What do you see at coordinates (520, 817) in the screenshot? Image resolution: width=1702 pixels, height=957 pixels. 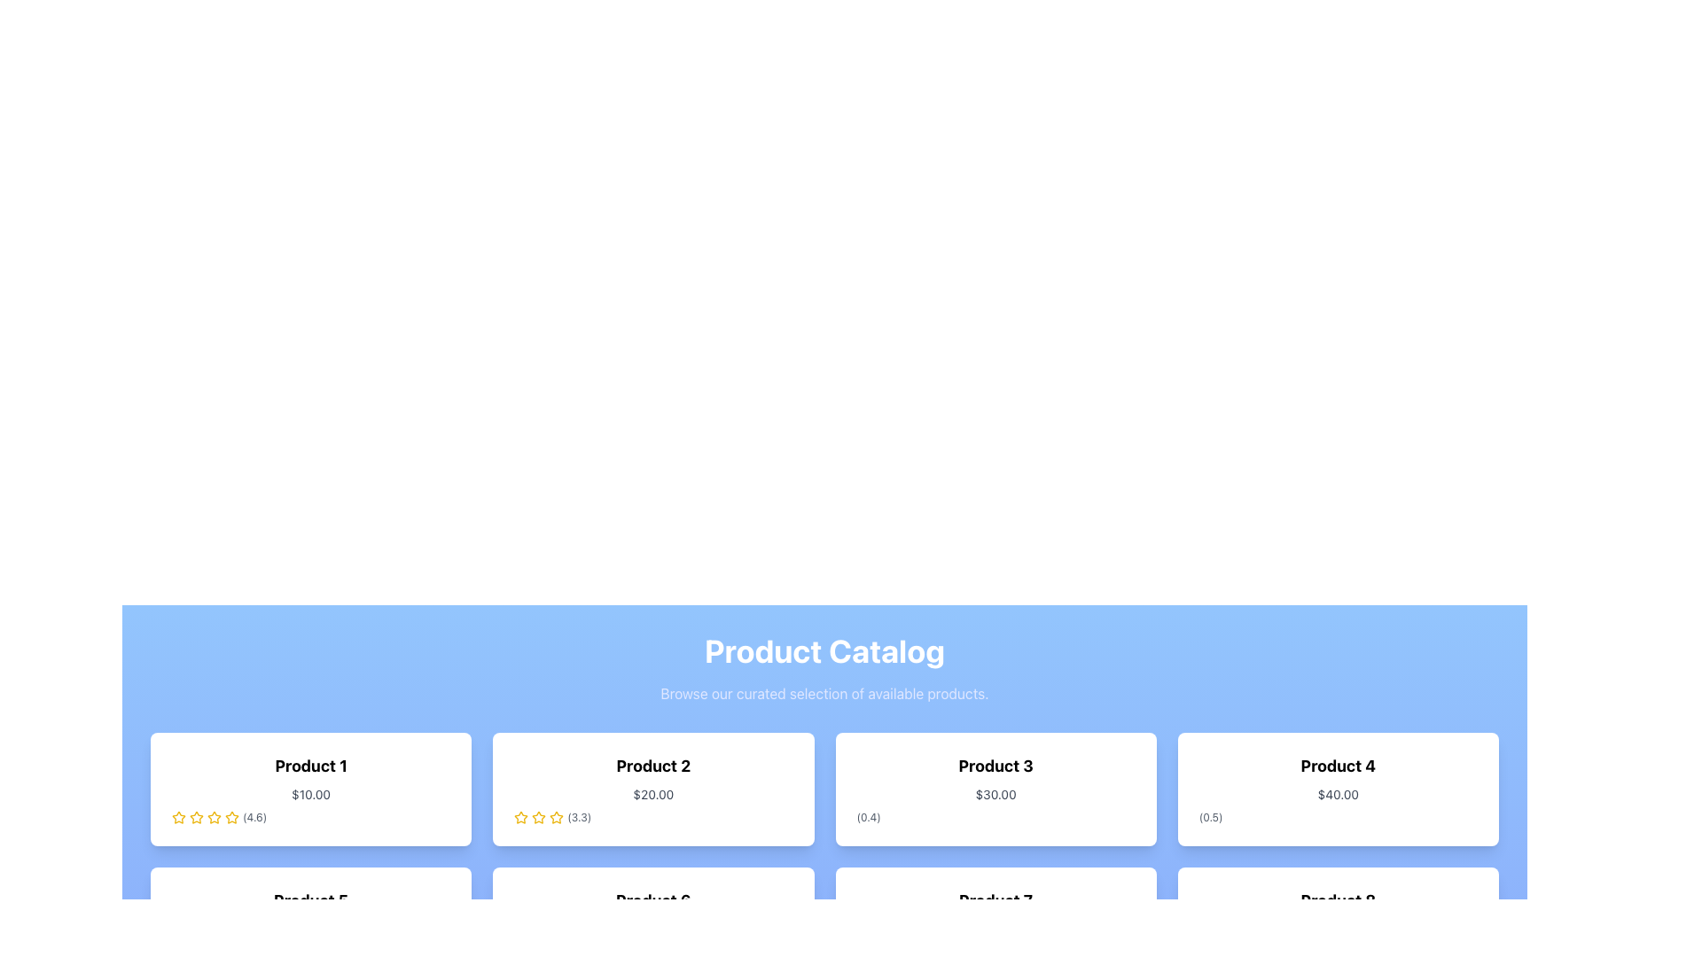 I see `the first star icon representing the product rating in the 'Product 2' card, positioned above the price and below the title` at bounding box center [520, 817].